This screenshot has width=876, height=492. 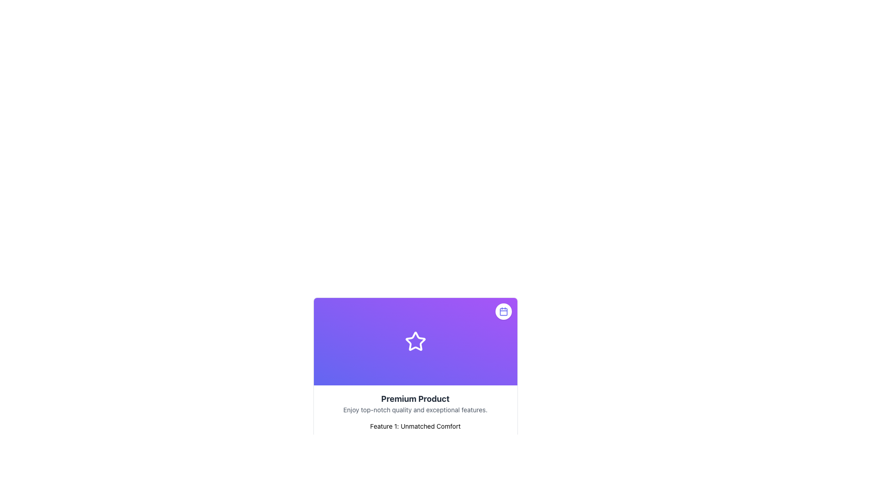 What do you see at coordinates (503, 311) in the screenshot?
I see `the calendar icon located at the top-right corner of the card, which is part of a button with a white color against a purple background` at bounding box center [503, 311].